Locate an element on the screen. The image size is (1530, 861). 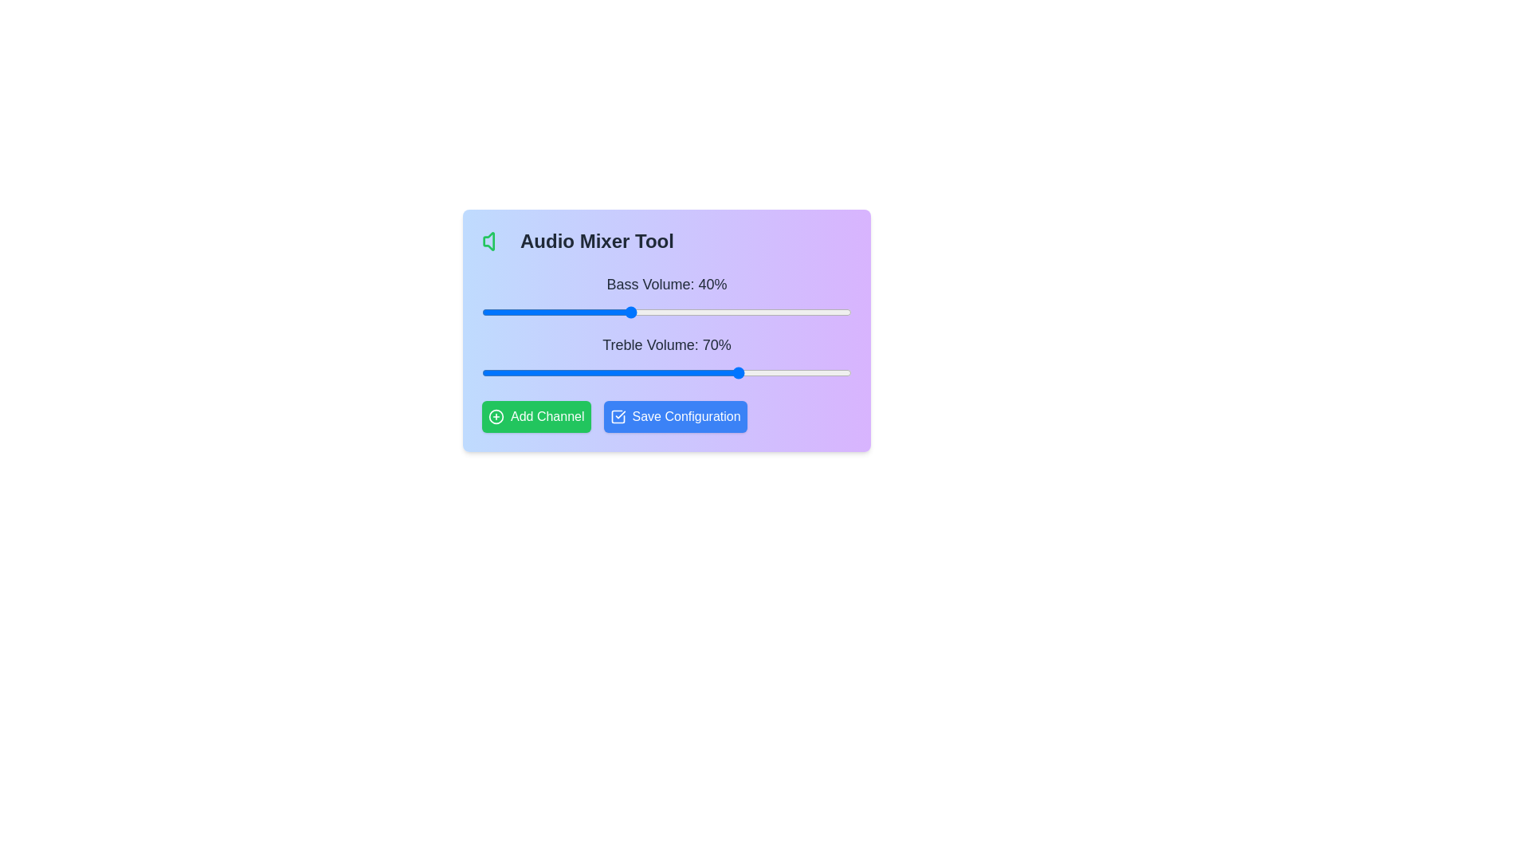
treble volume is located at coordinates (677, 372).